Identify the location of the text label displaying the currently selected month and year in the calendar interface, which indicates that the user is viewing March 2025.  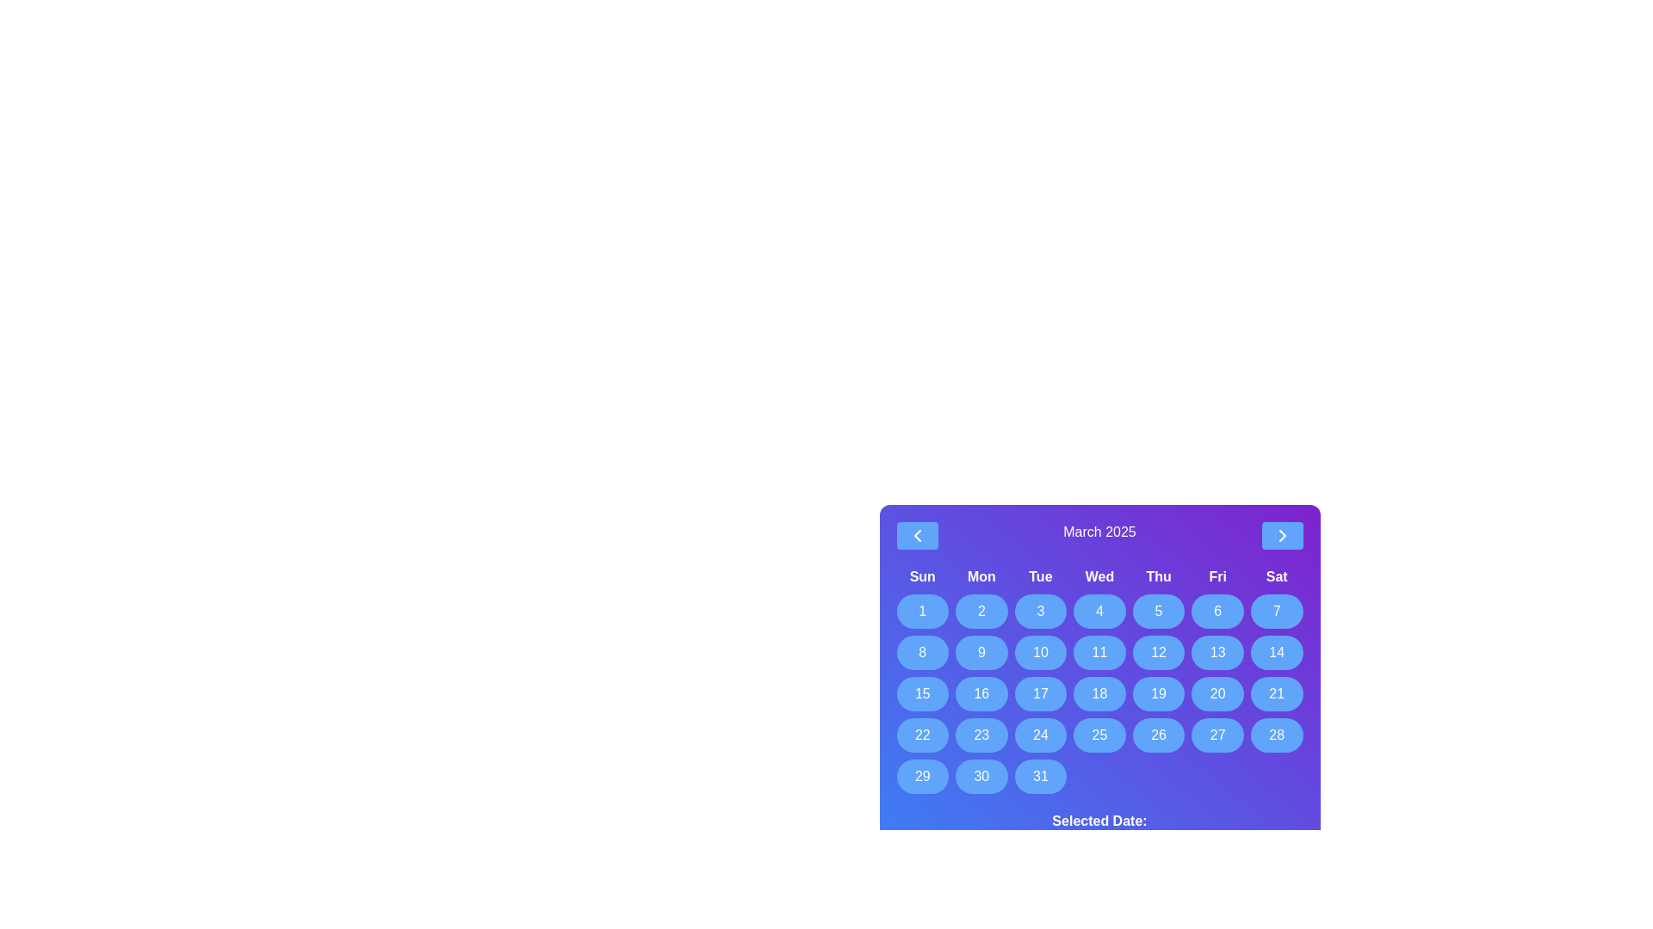
(1099, 535).